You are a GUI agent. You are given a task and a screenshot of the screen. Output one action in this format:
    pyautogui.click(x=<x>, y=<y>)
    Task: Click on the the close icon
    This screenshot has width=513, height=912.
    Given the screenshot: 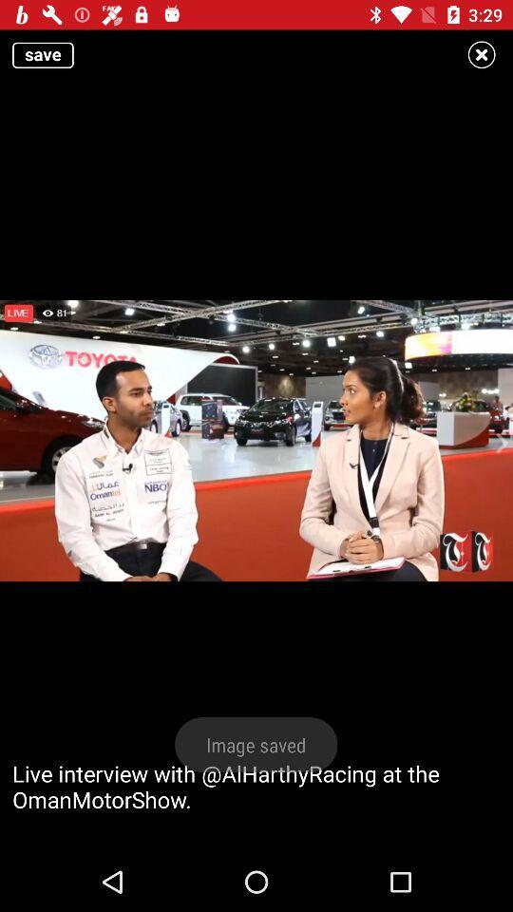 What is the action you would take?
    pyautogui.click(x=474, y=53)
    